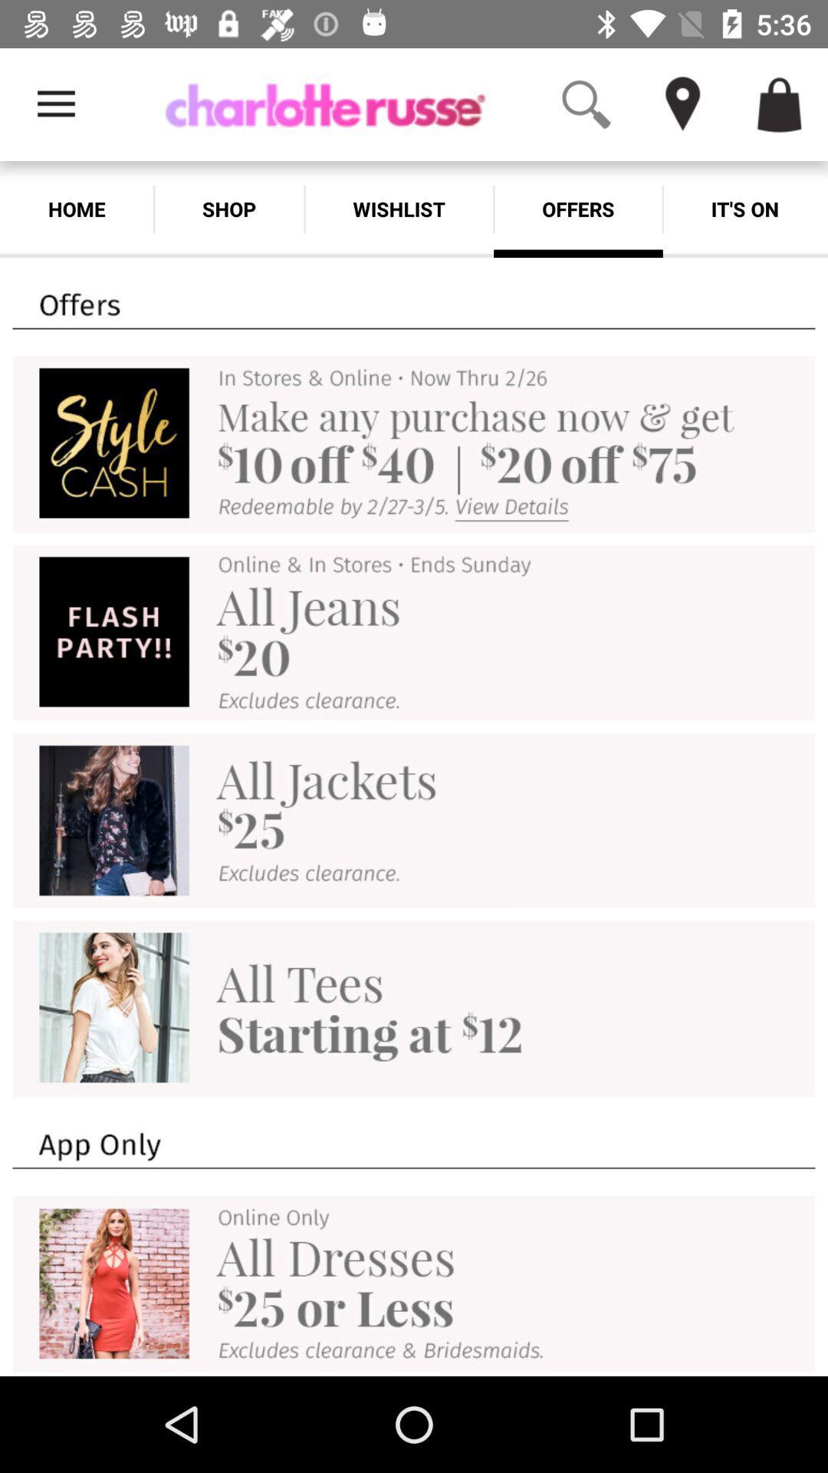  Describe the element at coordinates (229, 209) in the screenshot. I see `the app to the left of wishlist icon` at that location.